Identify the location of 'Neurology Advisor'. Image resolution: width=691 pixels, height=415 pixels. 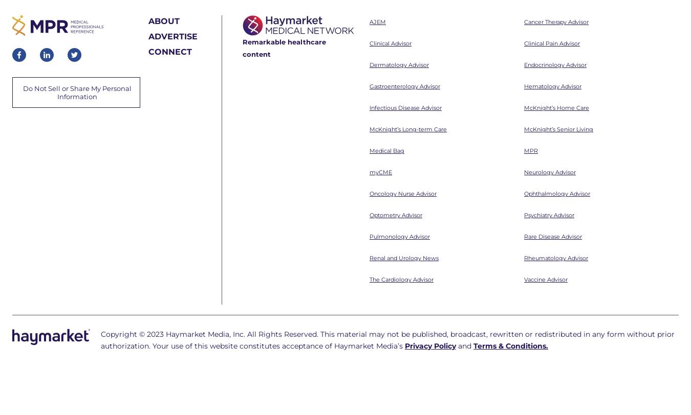
(550, 33).